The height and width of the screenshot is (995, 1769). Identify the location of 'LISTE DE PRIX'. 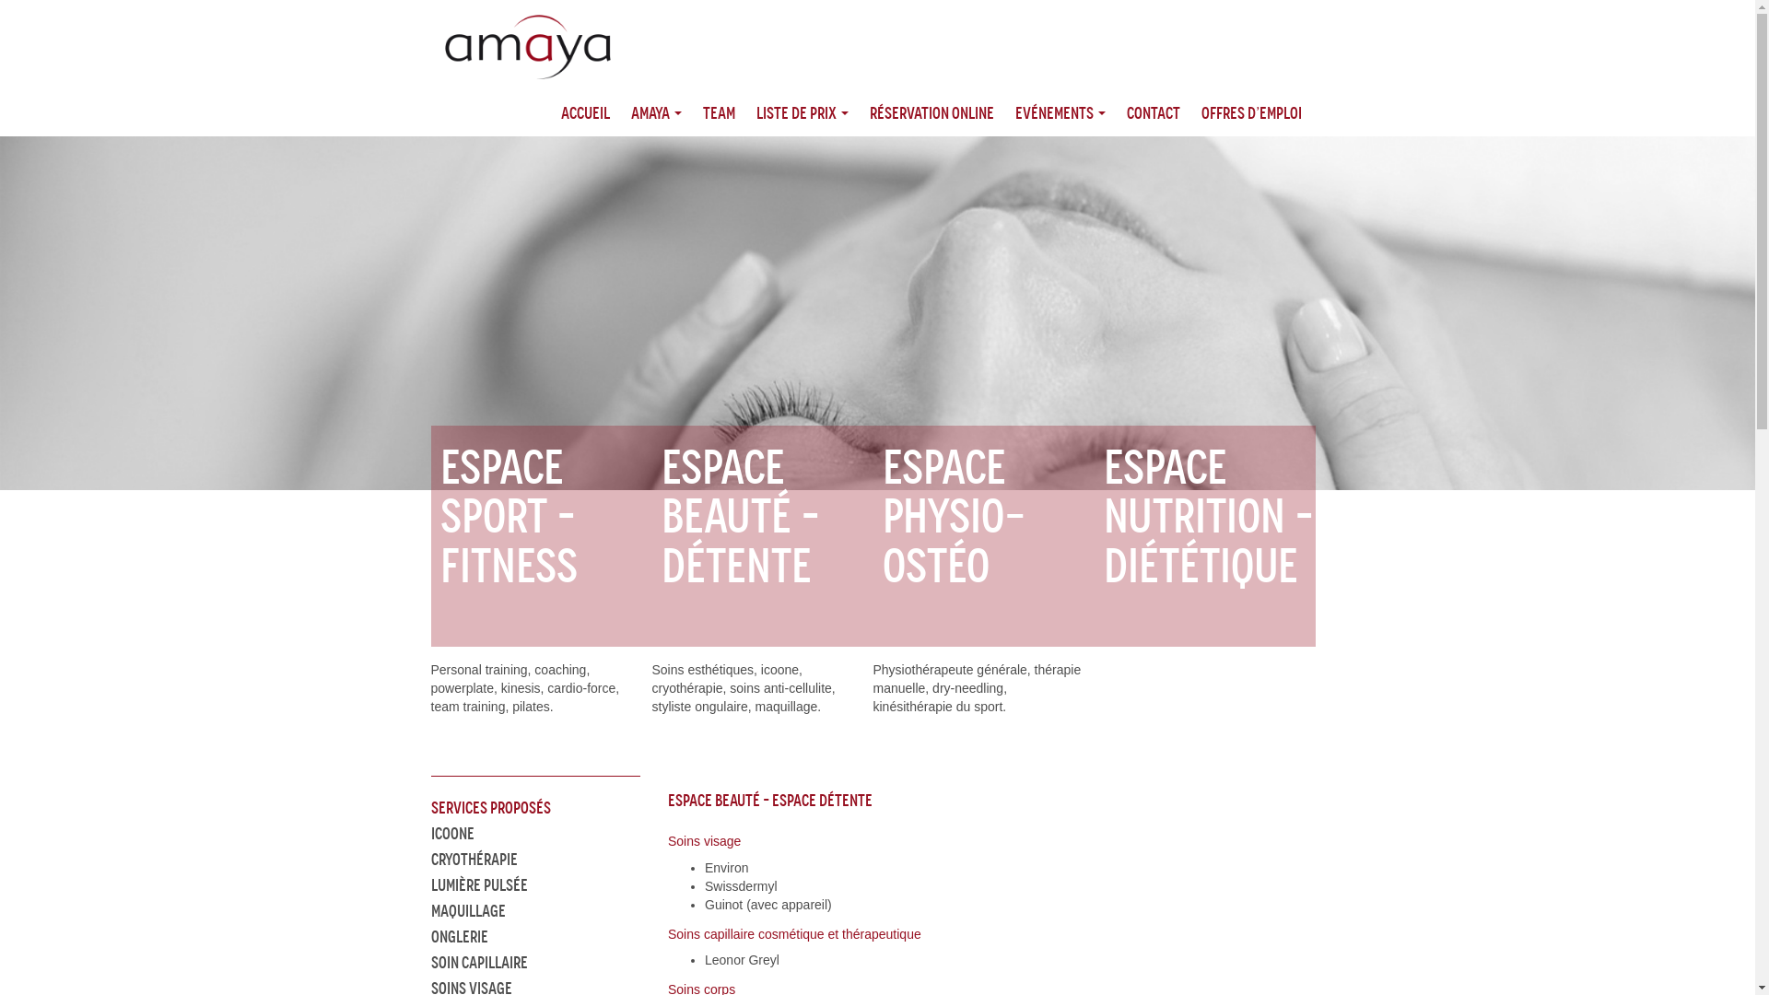
(801, 113).